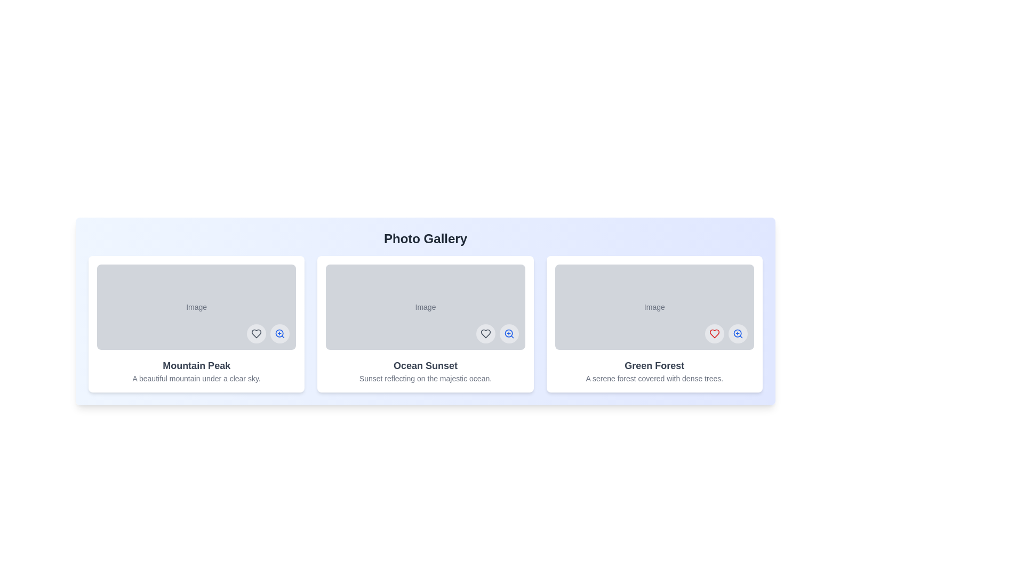 Image resolution: width=1024 pixels, height=576 pixels. Describe the element at coordinates (425, 365) in the screenshot. I see `the title of the image titled Ocean Sunset to focus on it` at that location.